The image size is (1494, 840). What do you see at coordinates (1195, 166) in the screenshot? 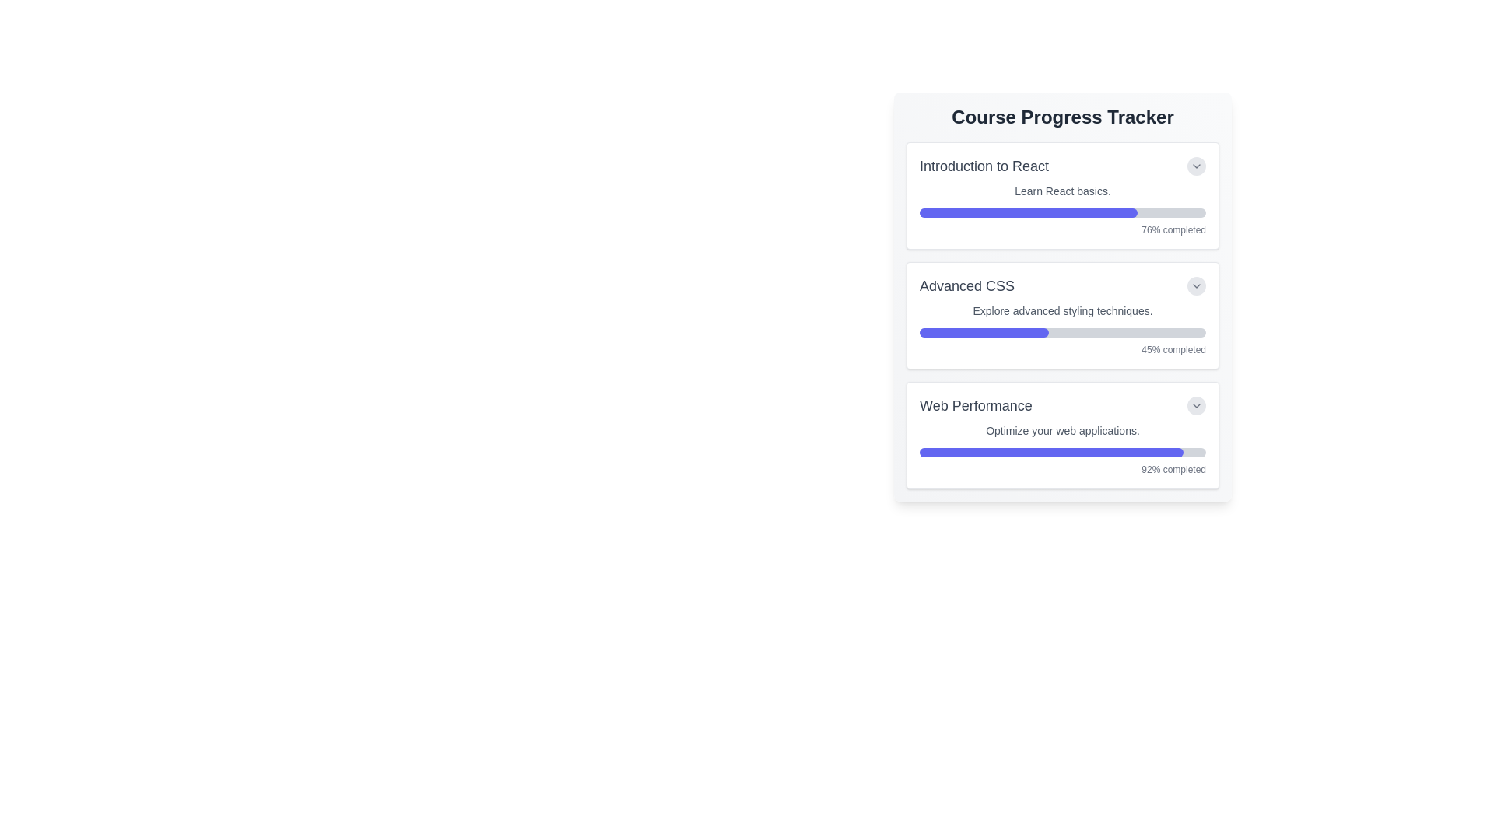
I see `the circular button with a light gray background and a downward pointing arrow icon` at bounding box center [1195, 166].